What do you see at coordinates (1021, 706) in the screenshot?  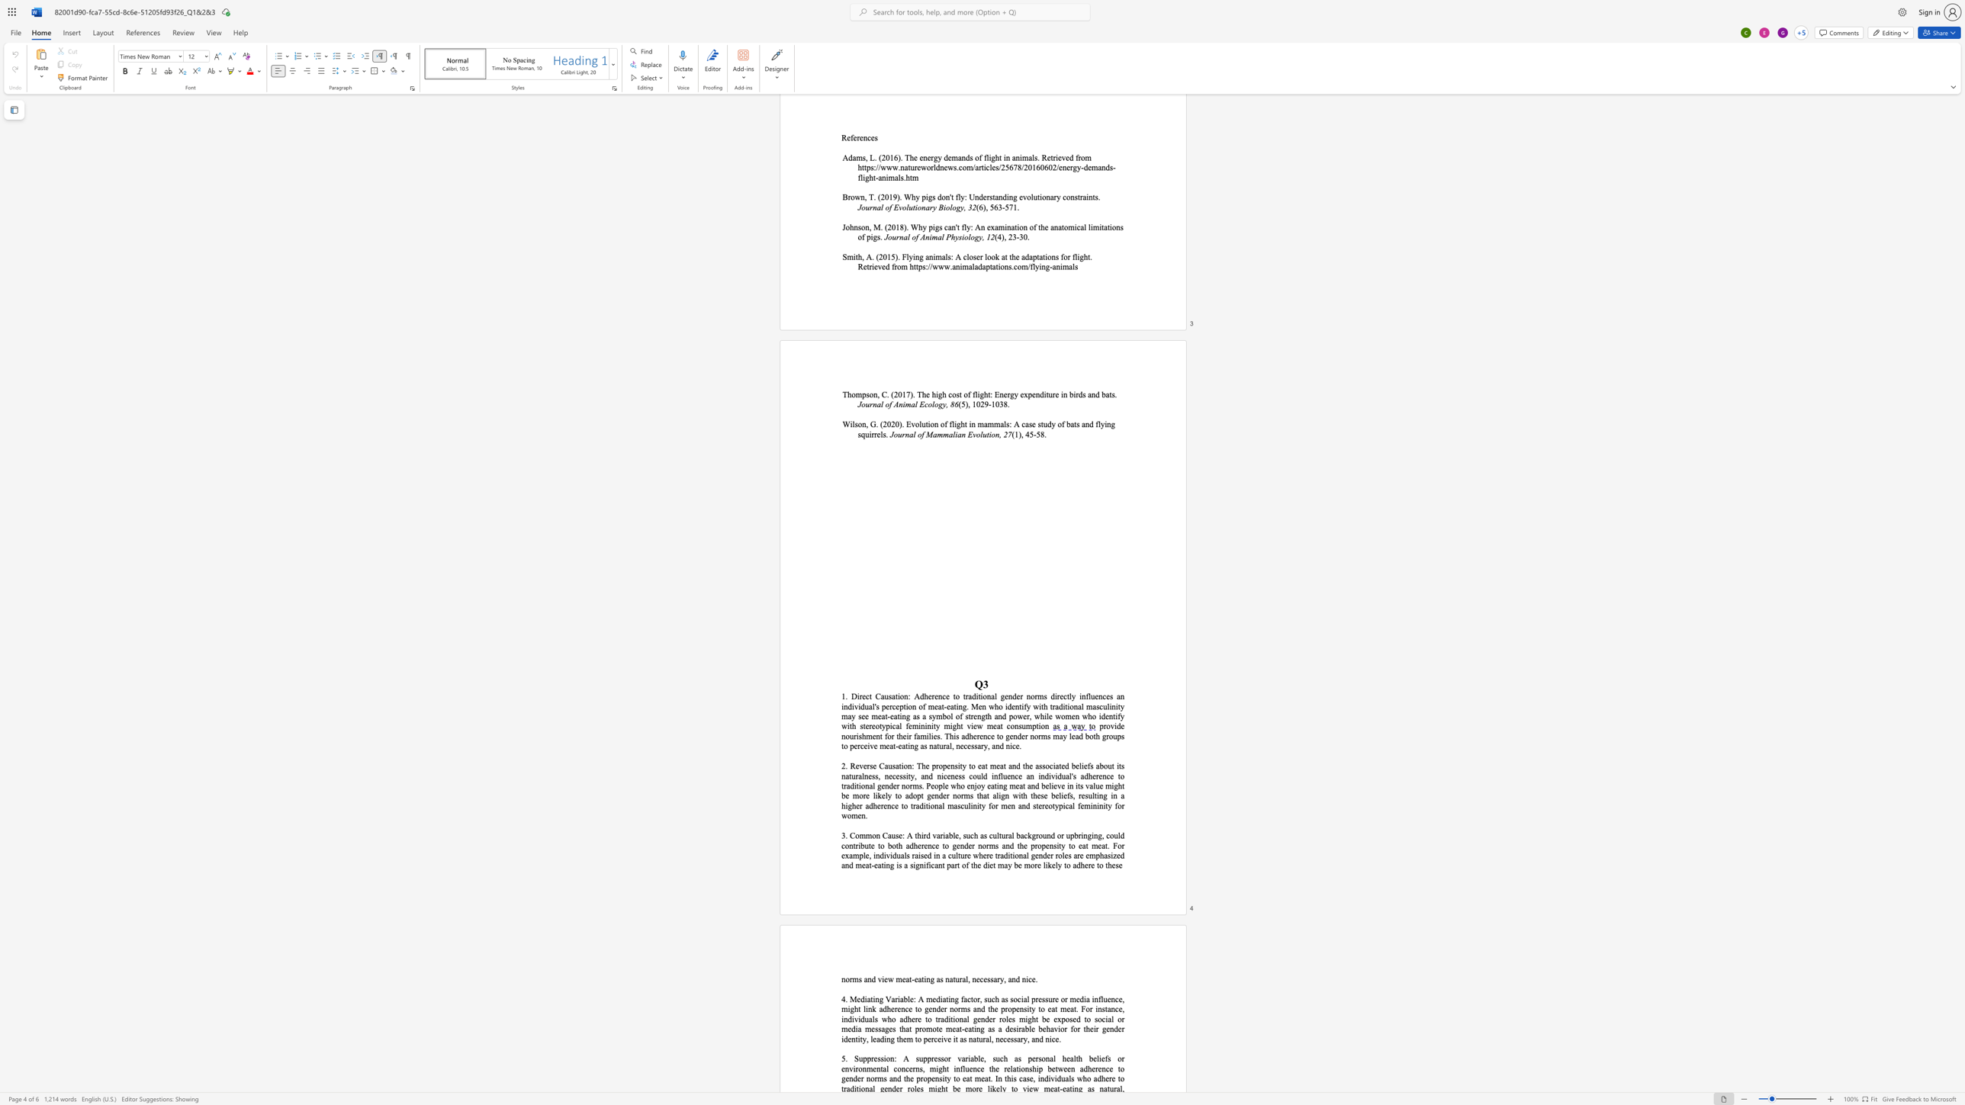 I see `the 3th character "t" in the text` at bounding box center [1021, 706].